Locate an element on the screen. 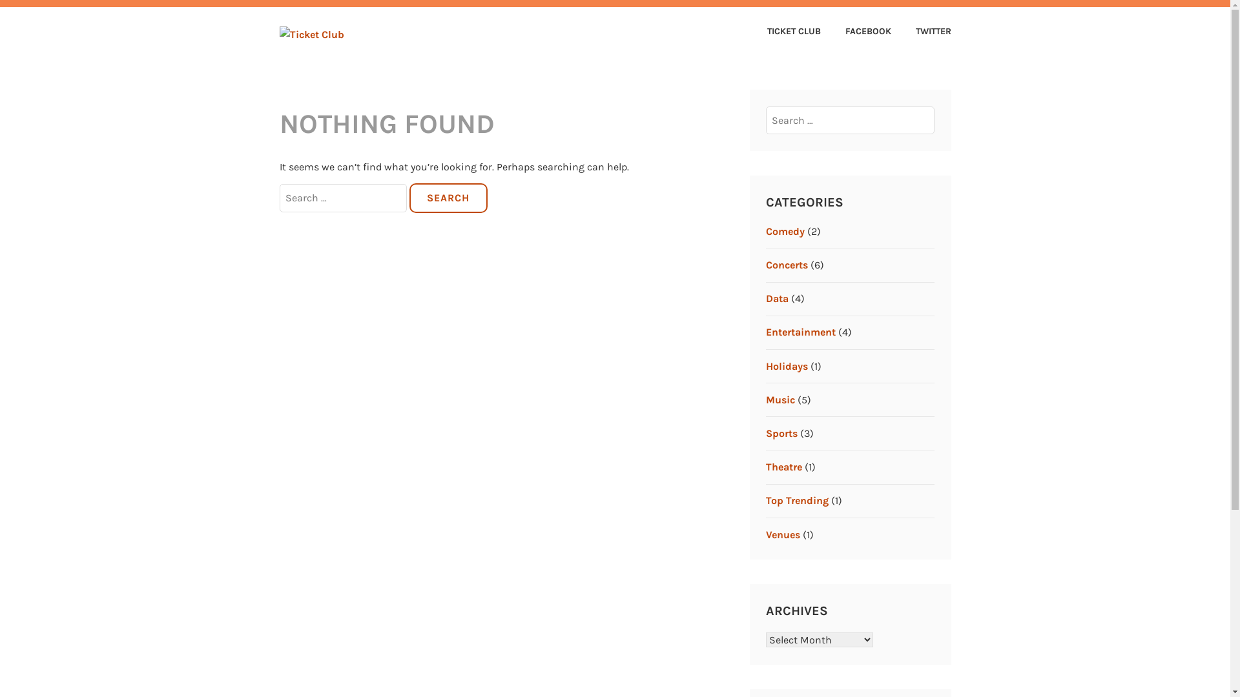  'Top Trending' is located at coordinates (796, 500).